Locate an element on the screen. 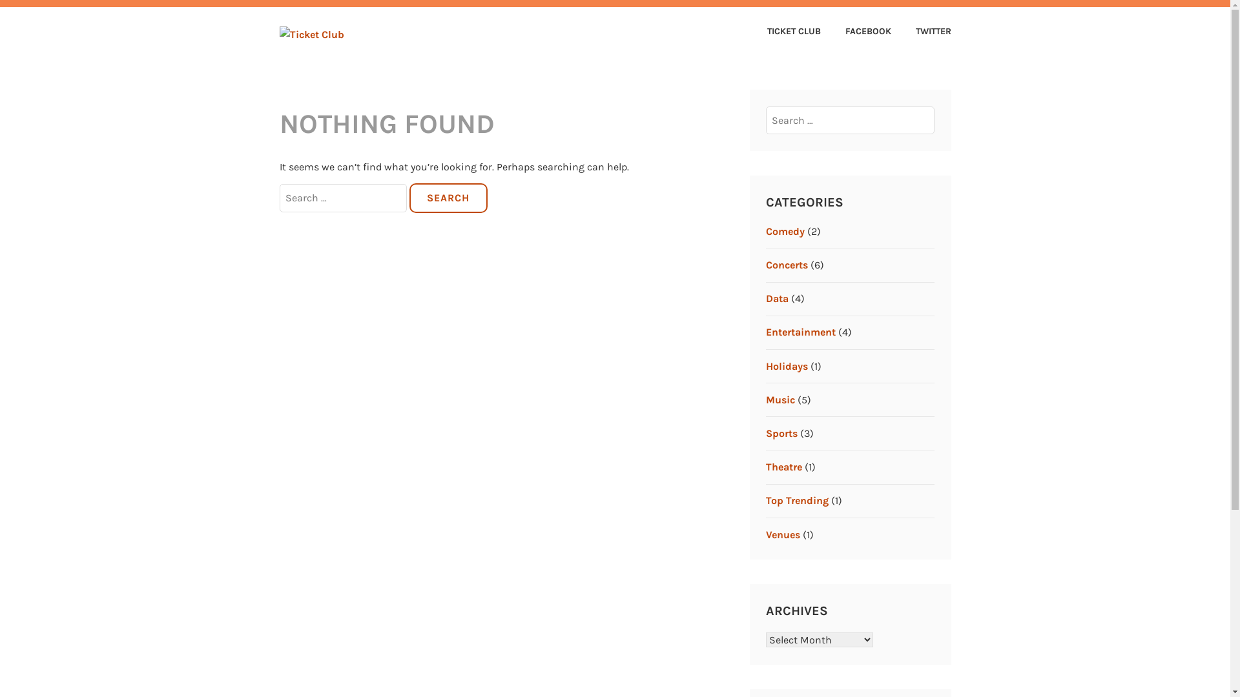  'Top Trending' is located at coordinates (796, 500).